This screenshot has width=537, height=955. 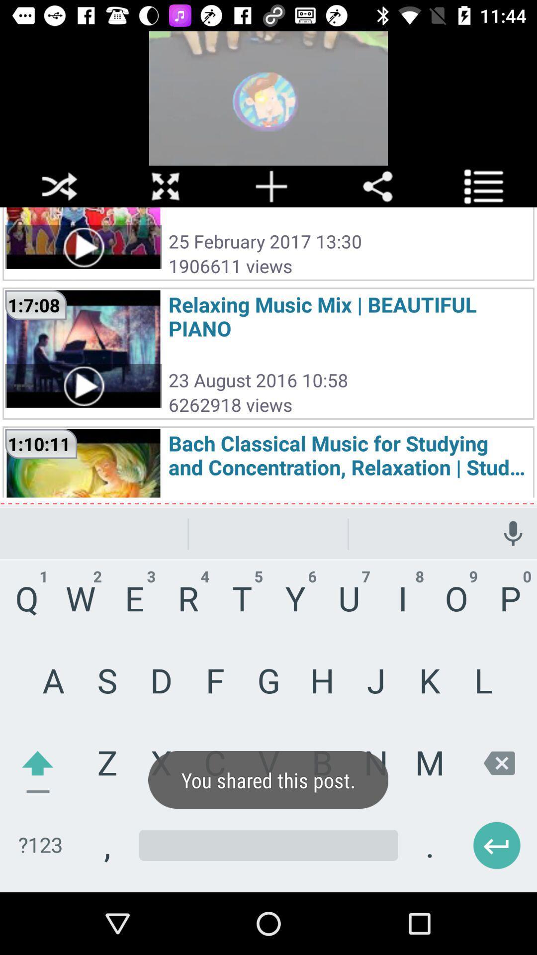 I want to click on the list icon, so click(x=483, y=186).